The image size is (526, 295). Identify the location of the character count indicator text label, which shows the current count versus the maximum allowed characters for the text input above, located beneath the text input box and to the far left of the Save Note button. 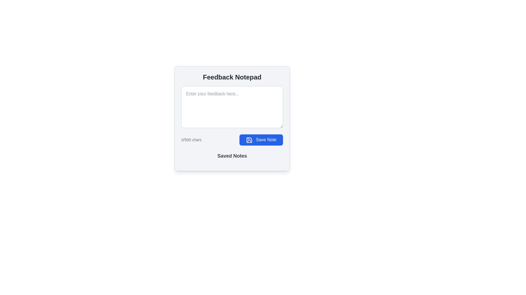
(191, 140).